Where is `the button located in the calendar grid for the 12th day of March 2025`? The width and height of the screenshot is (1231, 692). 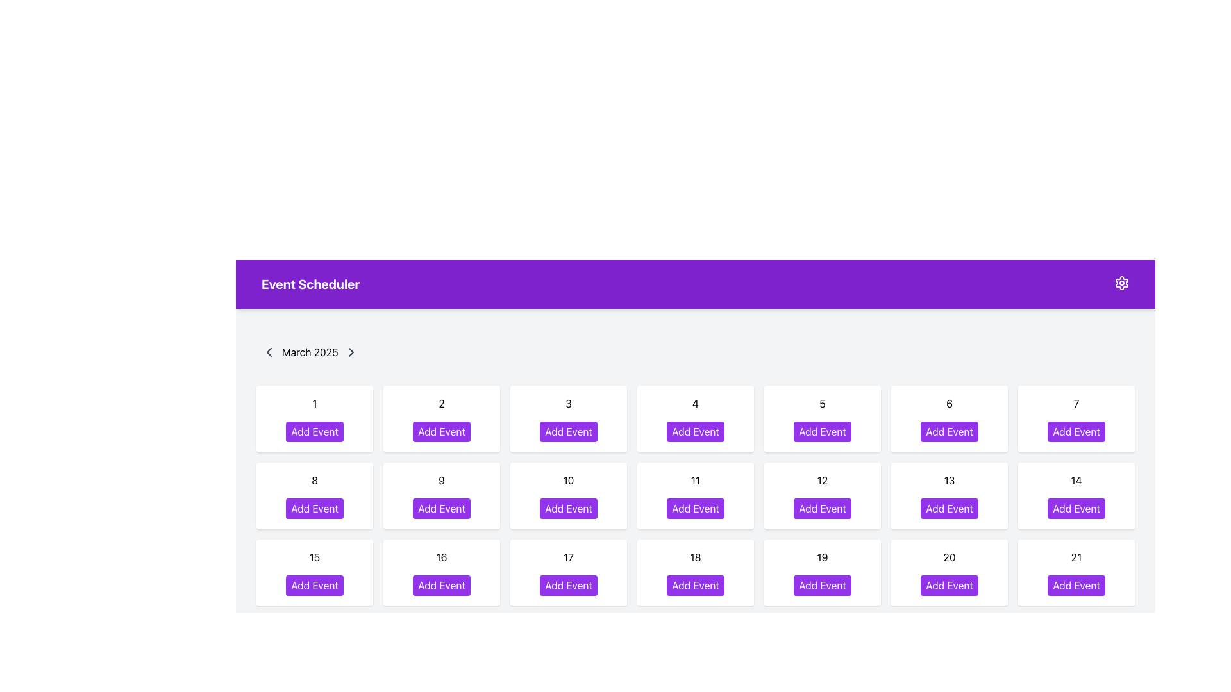
the button located in the calendar grid for the 12th day of March 2025 is located at coordinates (822, 508).